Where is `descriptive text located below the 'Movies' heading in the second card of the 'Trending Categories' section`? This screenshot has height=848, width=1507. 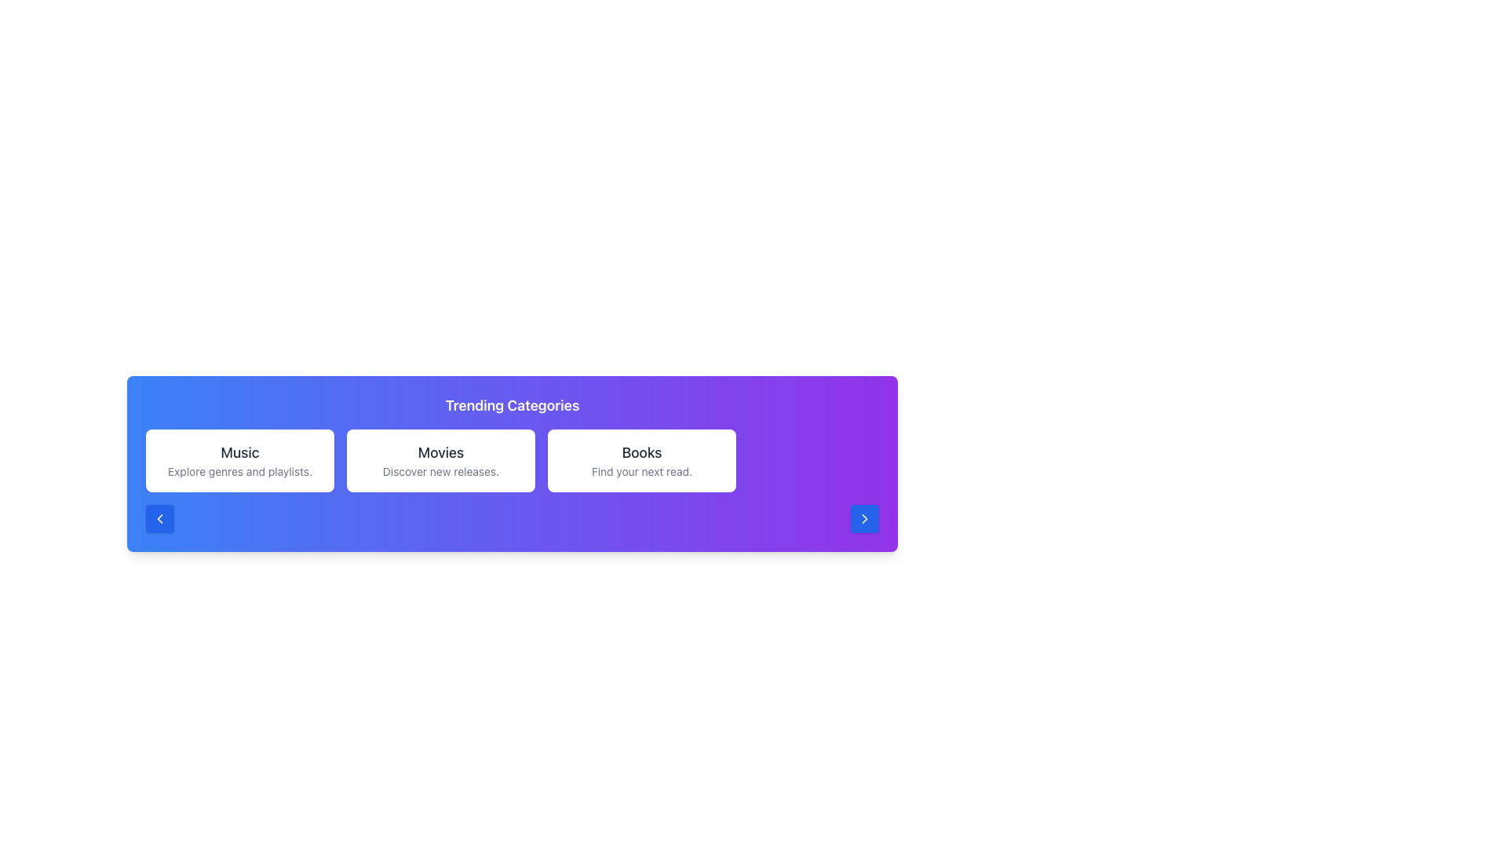 descriptive text located below the 'Movies' heading in the second card of the 'Trending Categories' section is located at coordinates (440, 471).